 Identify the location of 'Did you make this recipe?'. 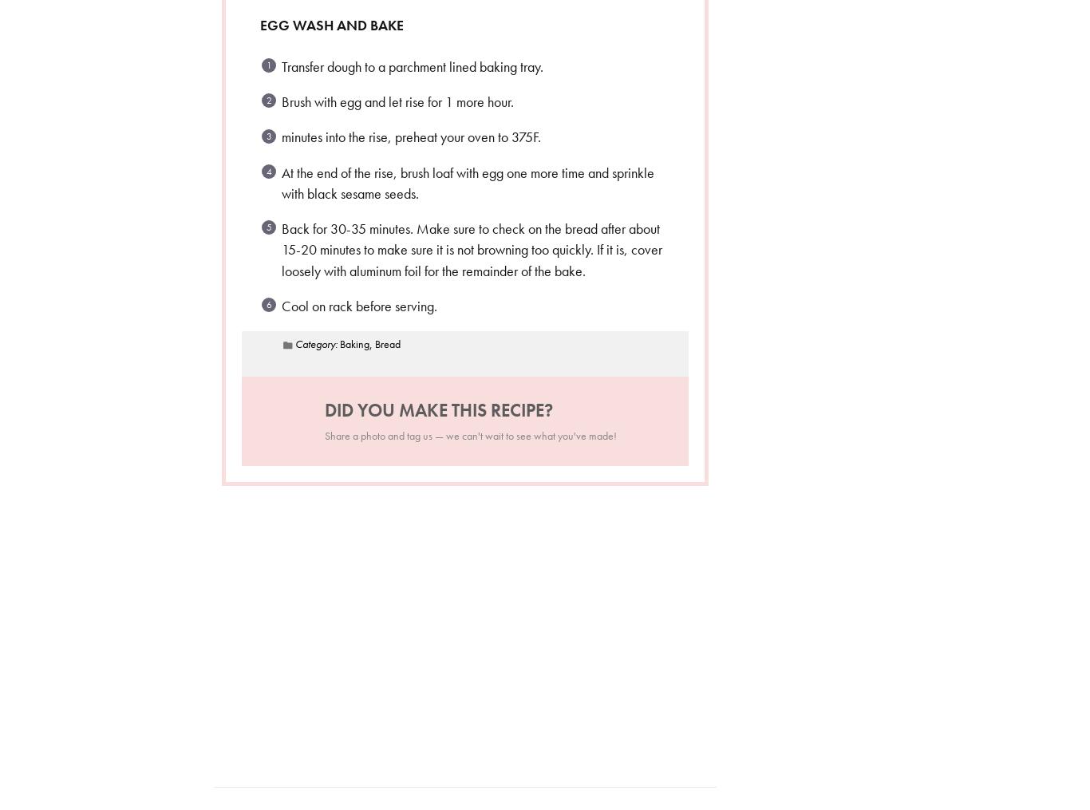
(438, 409).